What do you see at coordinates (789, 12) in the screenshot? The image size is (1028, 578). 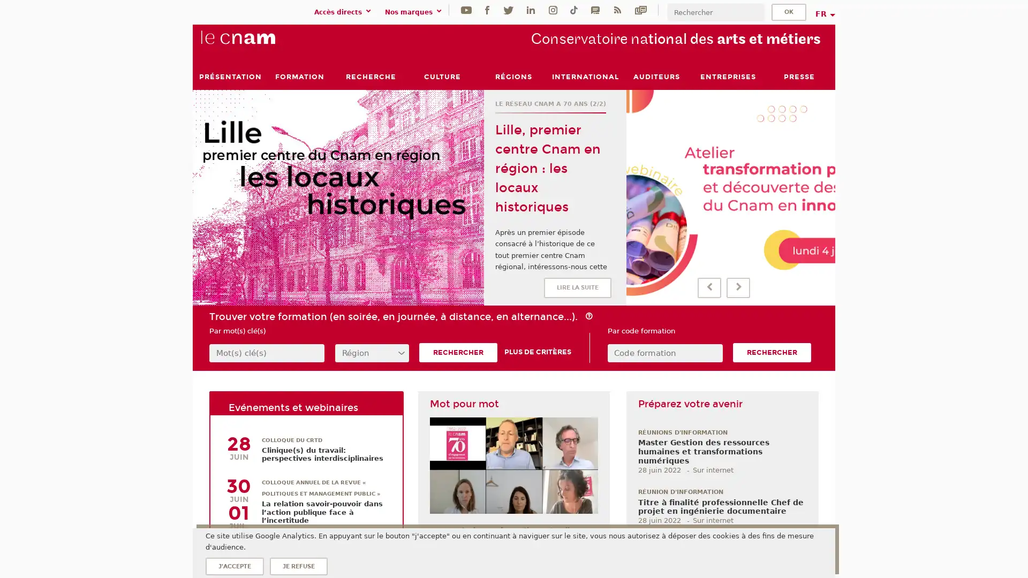 I see `ok` at bounding box center [789, 12].